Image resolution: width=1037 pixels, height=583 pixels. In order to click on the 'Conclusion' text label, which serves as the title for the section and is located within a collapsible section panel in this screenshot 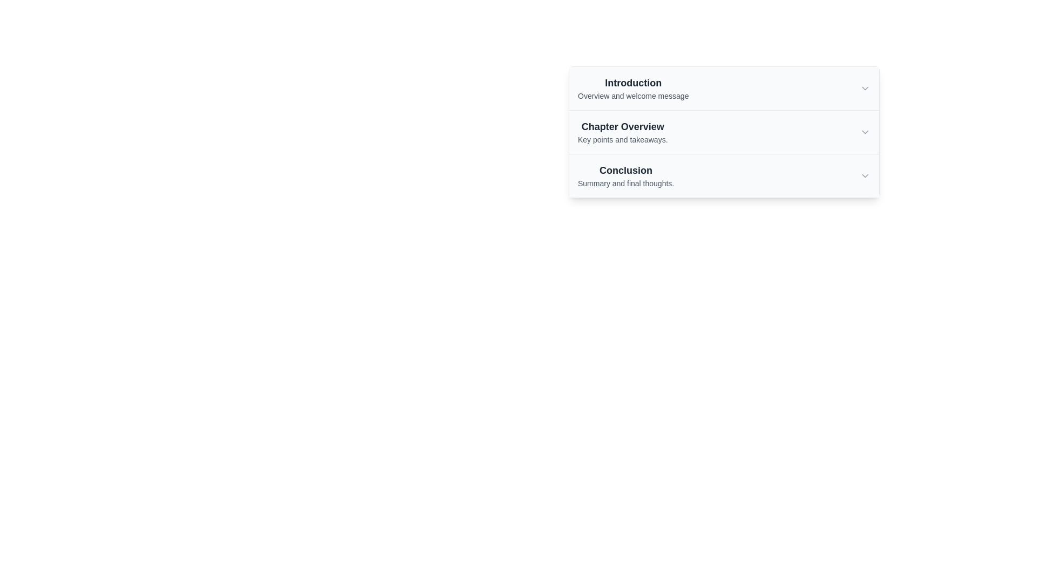, I will do `click(626, 170)`.